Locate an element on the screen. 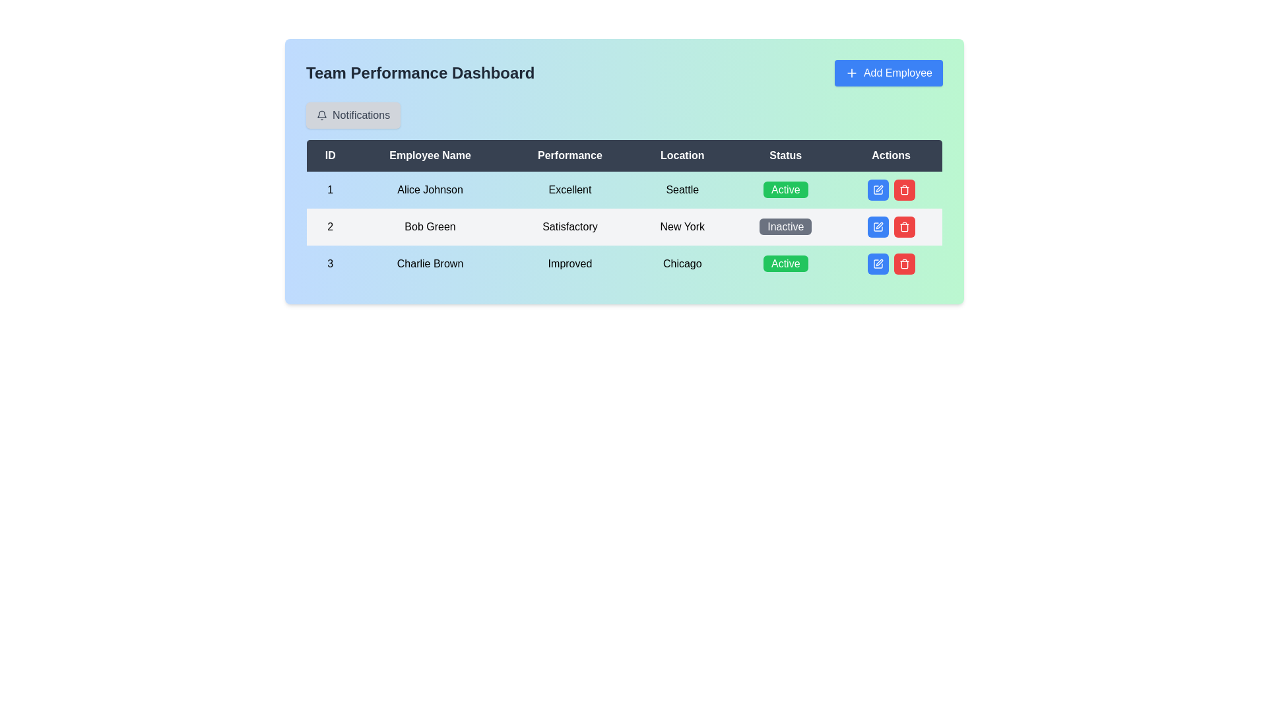 The width and height of the screenshot is (1267, 713). the red rounded rectangular button with white text and a trash can icon in the second row of the employee table is located at coordinates (903, 264).